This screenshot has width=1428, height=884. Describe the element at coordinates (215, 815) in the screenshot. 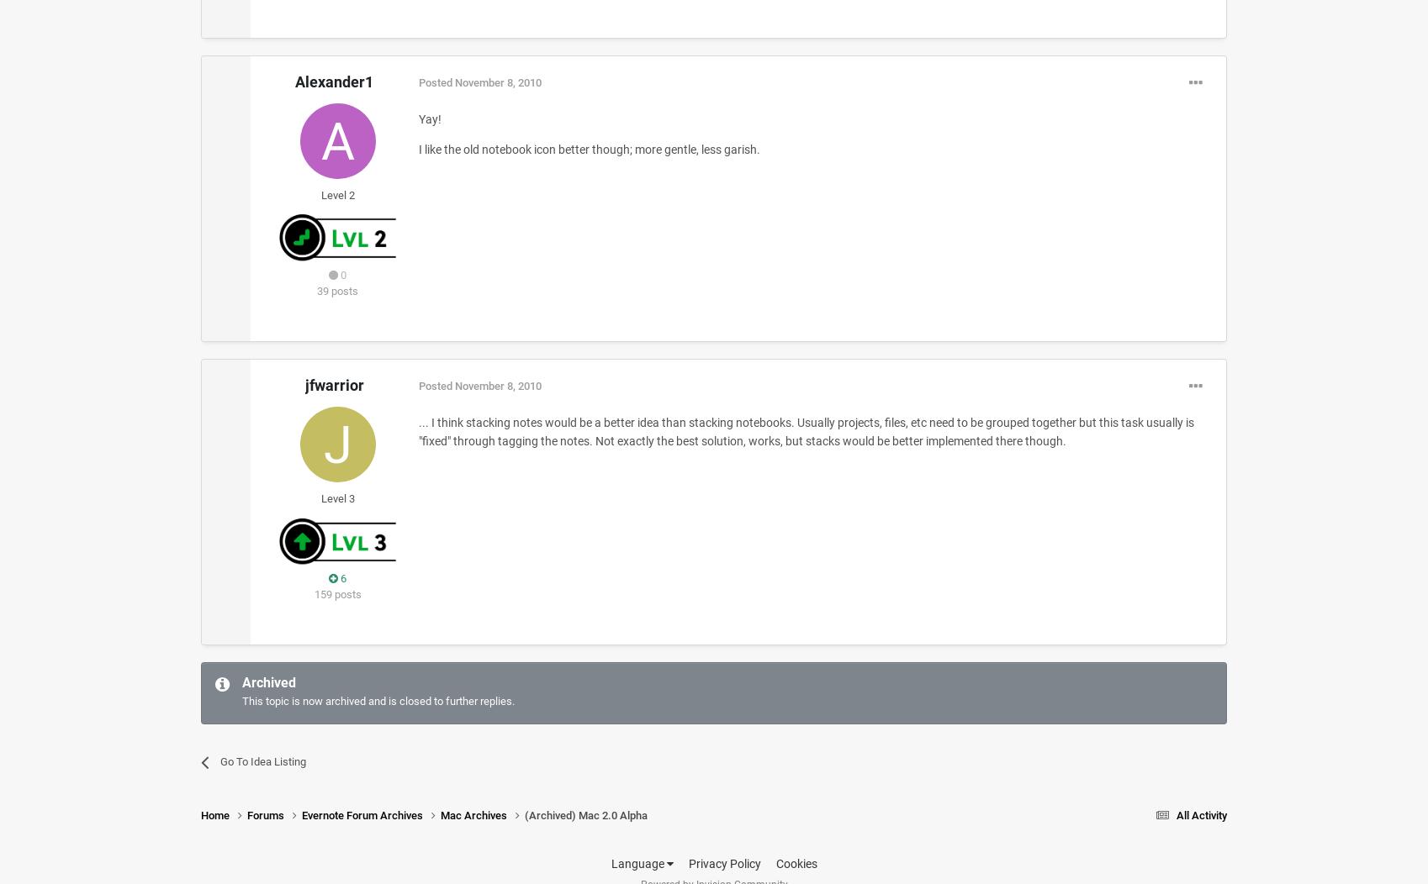

I see `'Home'` at that location.